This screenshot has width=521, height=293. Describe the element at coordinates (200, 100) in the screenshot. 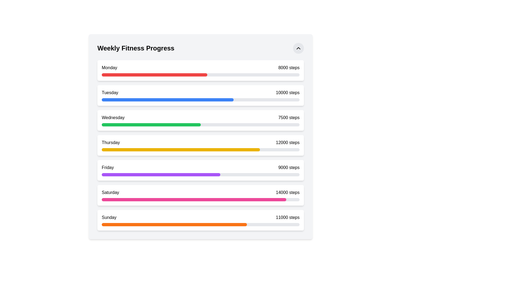

I see `the horizontal progress bar styled with rounded ends, which indicates progress for Tuesday's steps summary, located to the left of the '10000 steps' label` at that location.